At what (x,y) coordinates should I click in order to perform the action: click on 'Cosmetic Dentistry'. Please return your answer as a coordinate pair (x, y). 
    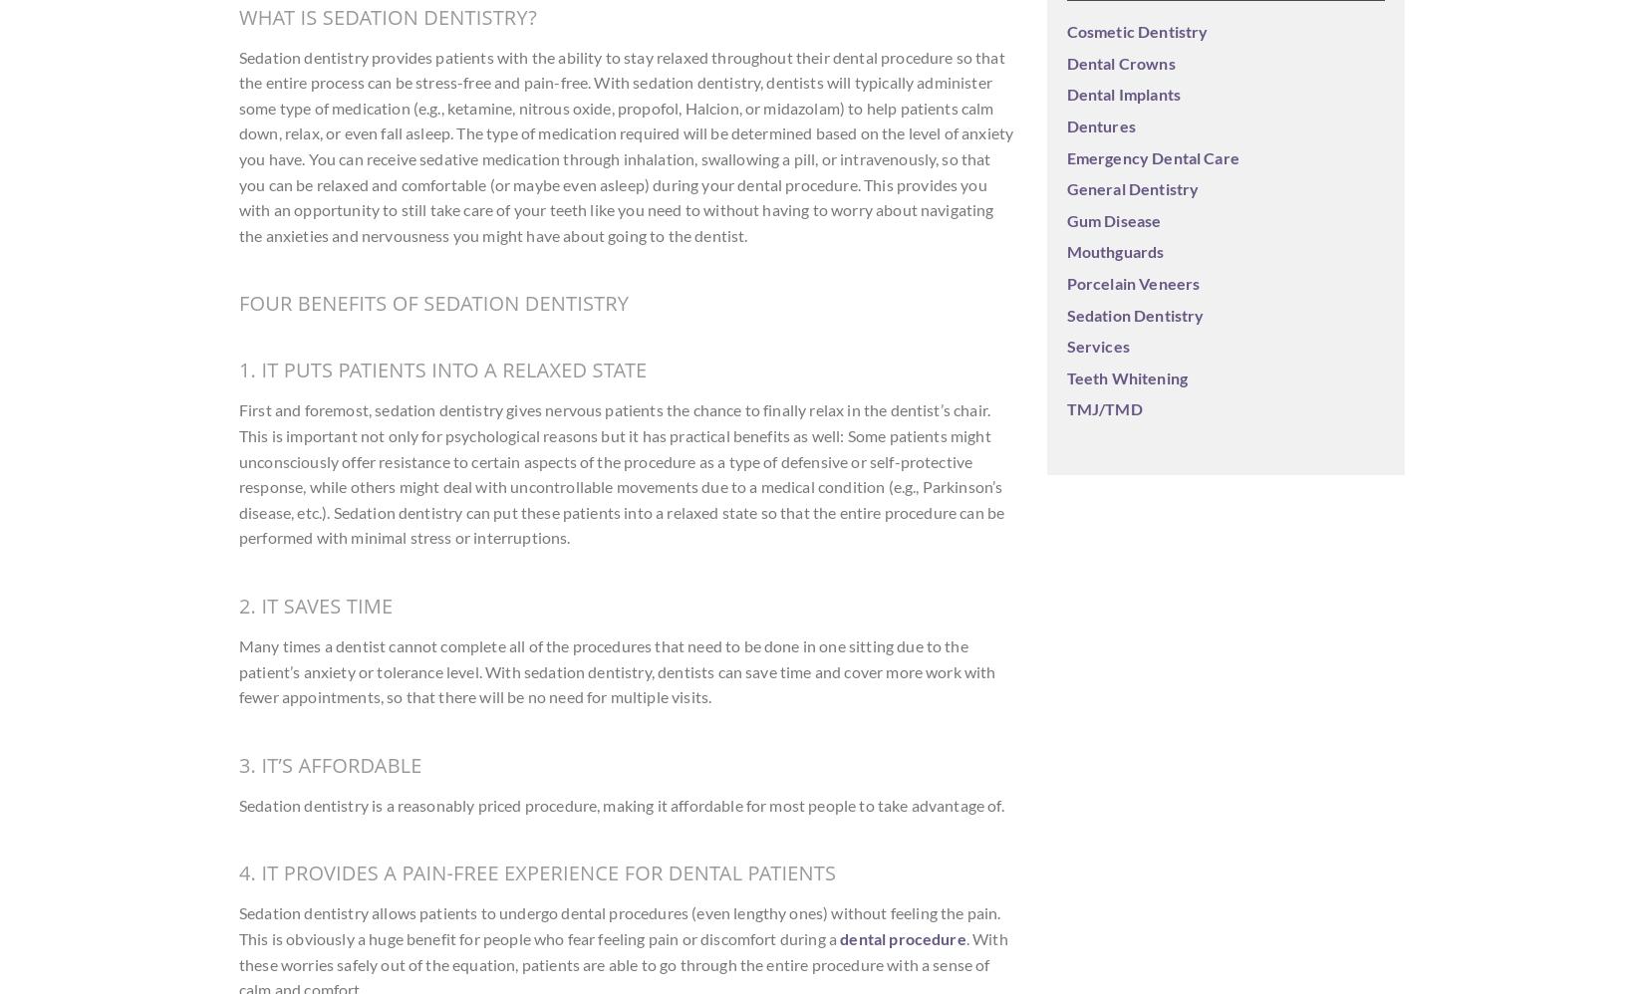
    Looking at the image, I should click on (1136, 31).